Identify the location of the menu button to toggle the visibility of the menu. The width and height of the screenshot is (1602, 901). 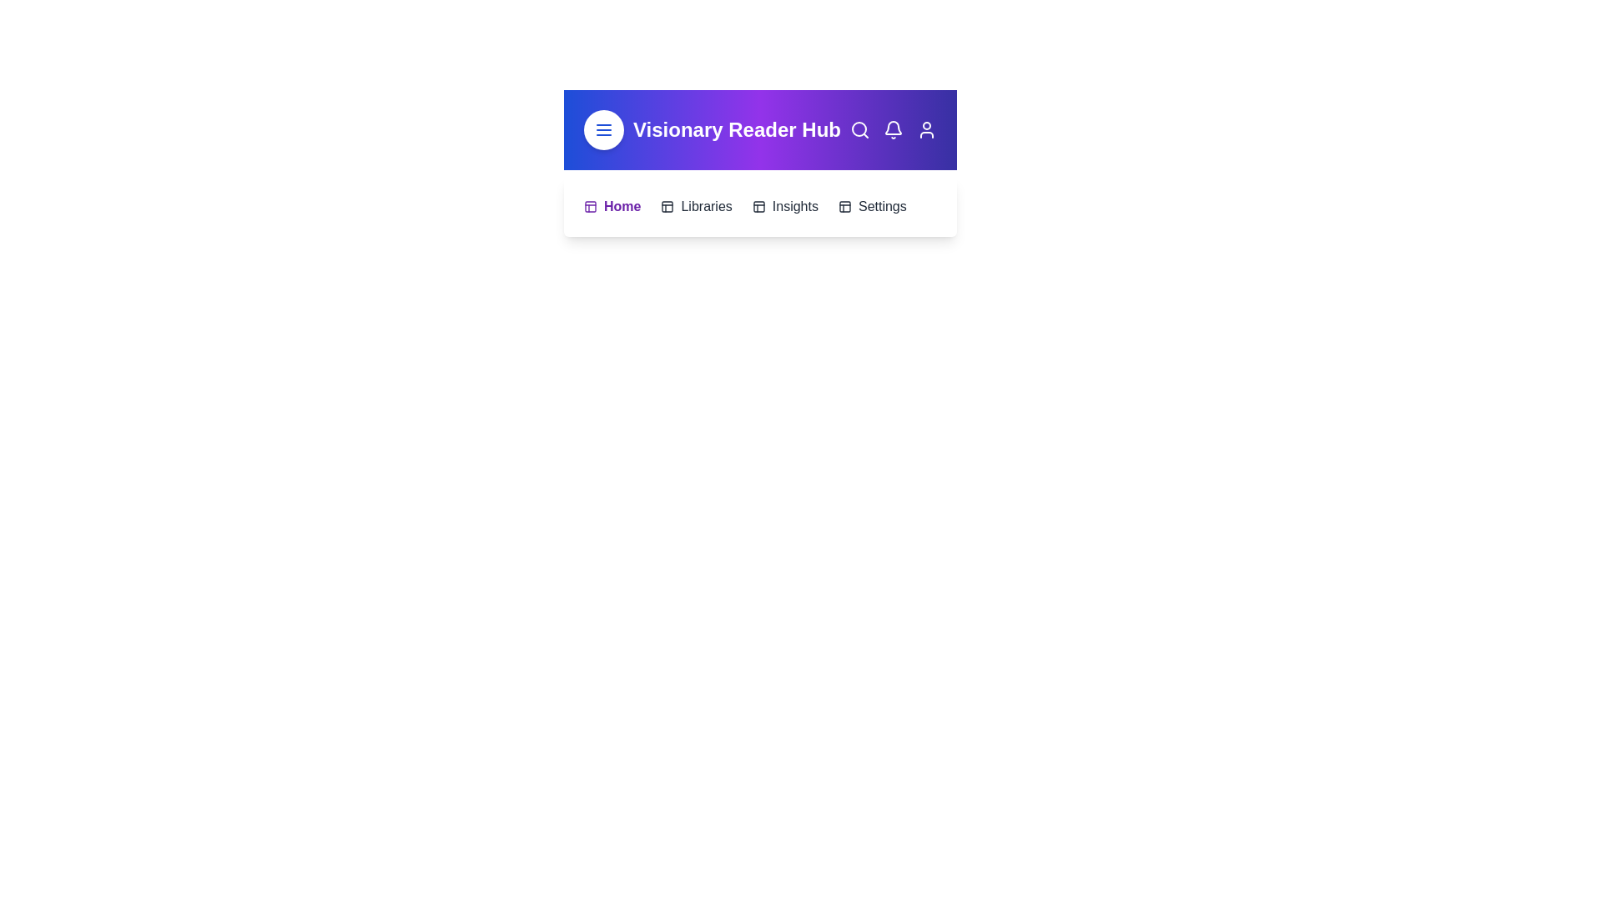
(603, 128).